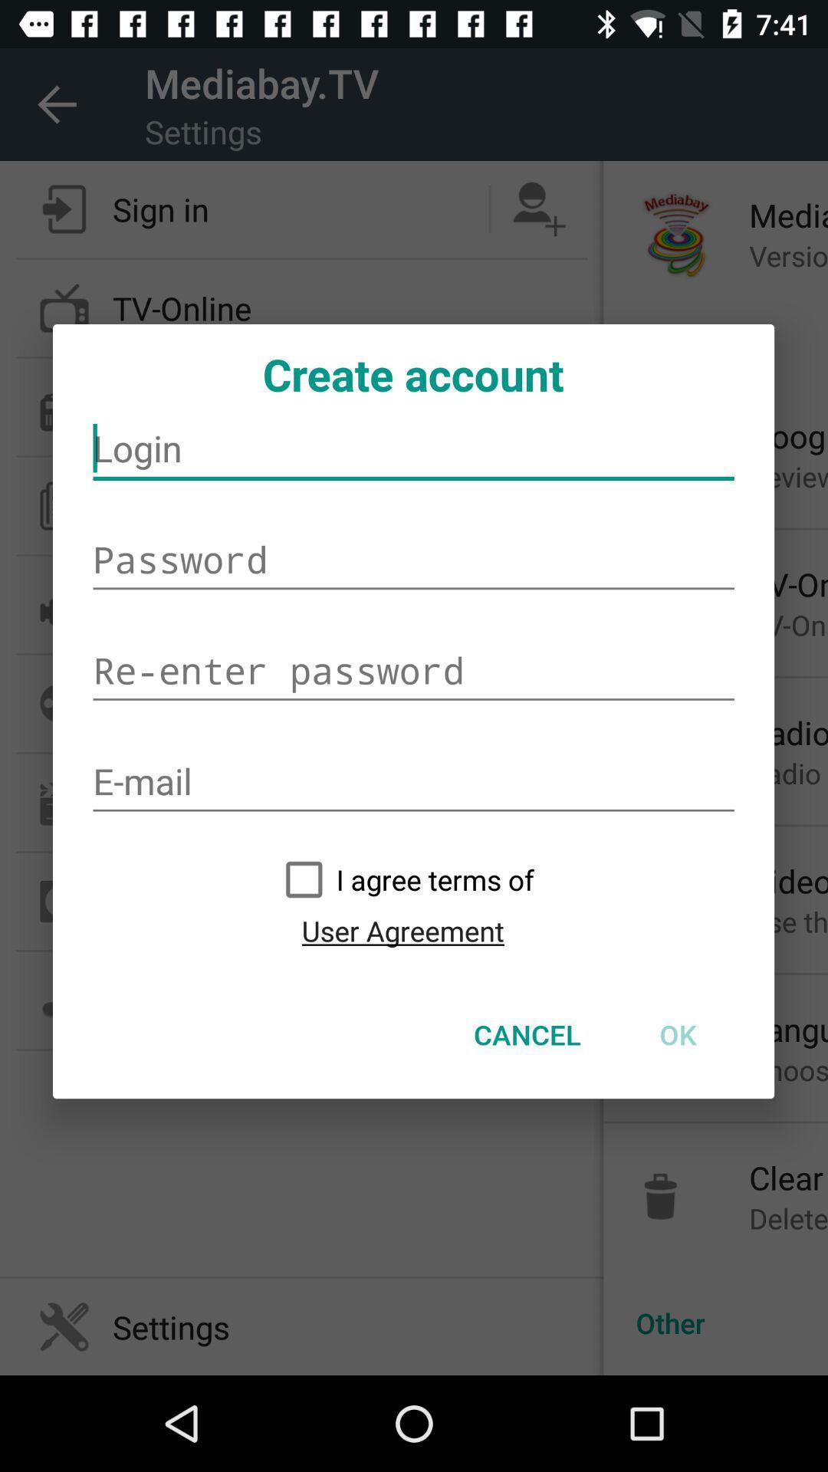 Image resolution: width=828 pixels, height=1472 pixels. I want to click on icon below the create account, so click(412, 448).